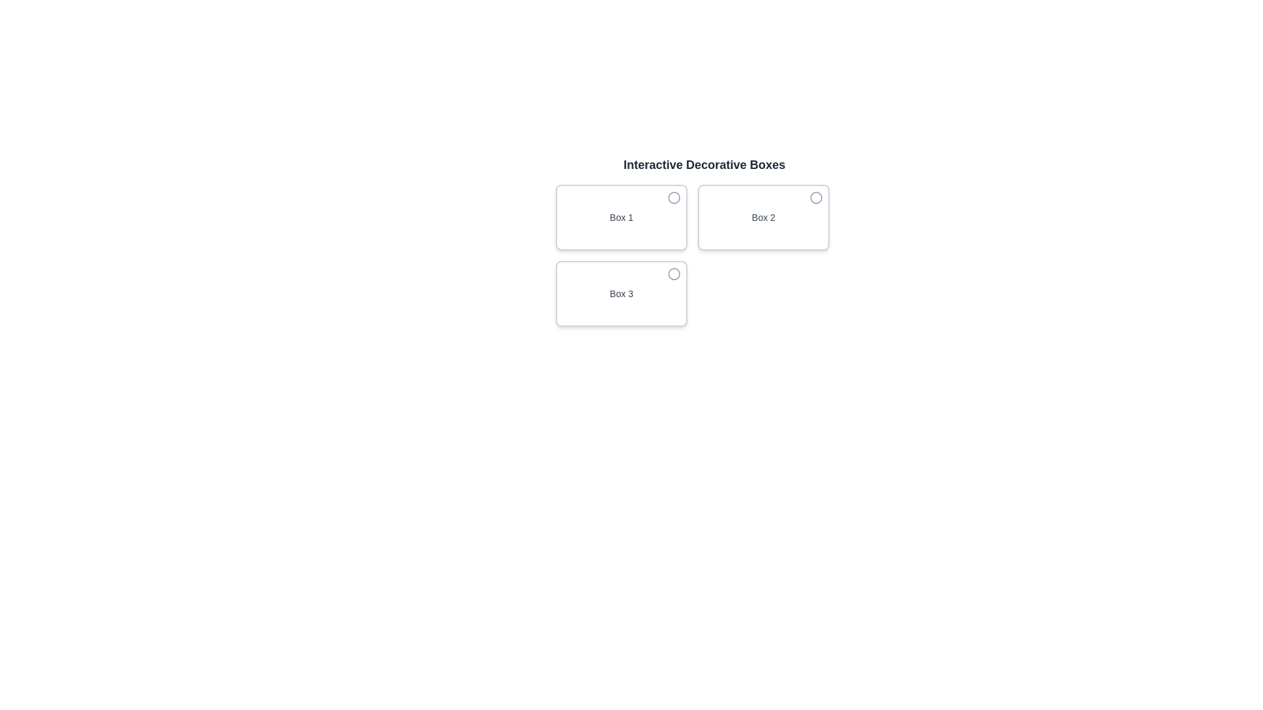 The height and width of the screenshot is (710, 1263). What do you see at coordinates (764, 217) in the screenshot?
I see `the Decorative Box labeled 'Box 2'` at bounding box center [764, 217].